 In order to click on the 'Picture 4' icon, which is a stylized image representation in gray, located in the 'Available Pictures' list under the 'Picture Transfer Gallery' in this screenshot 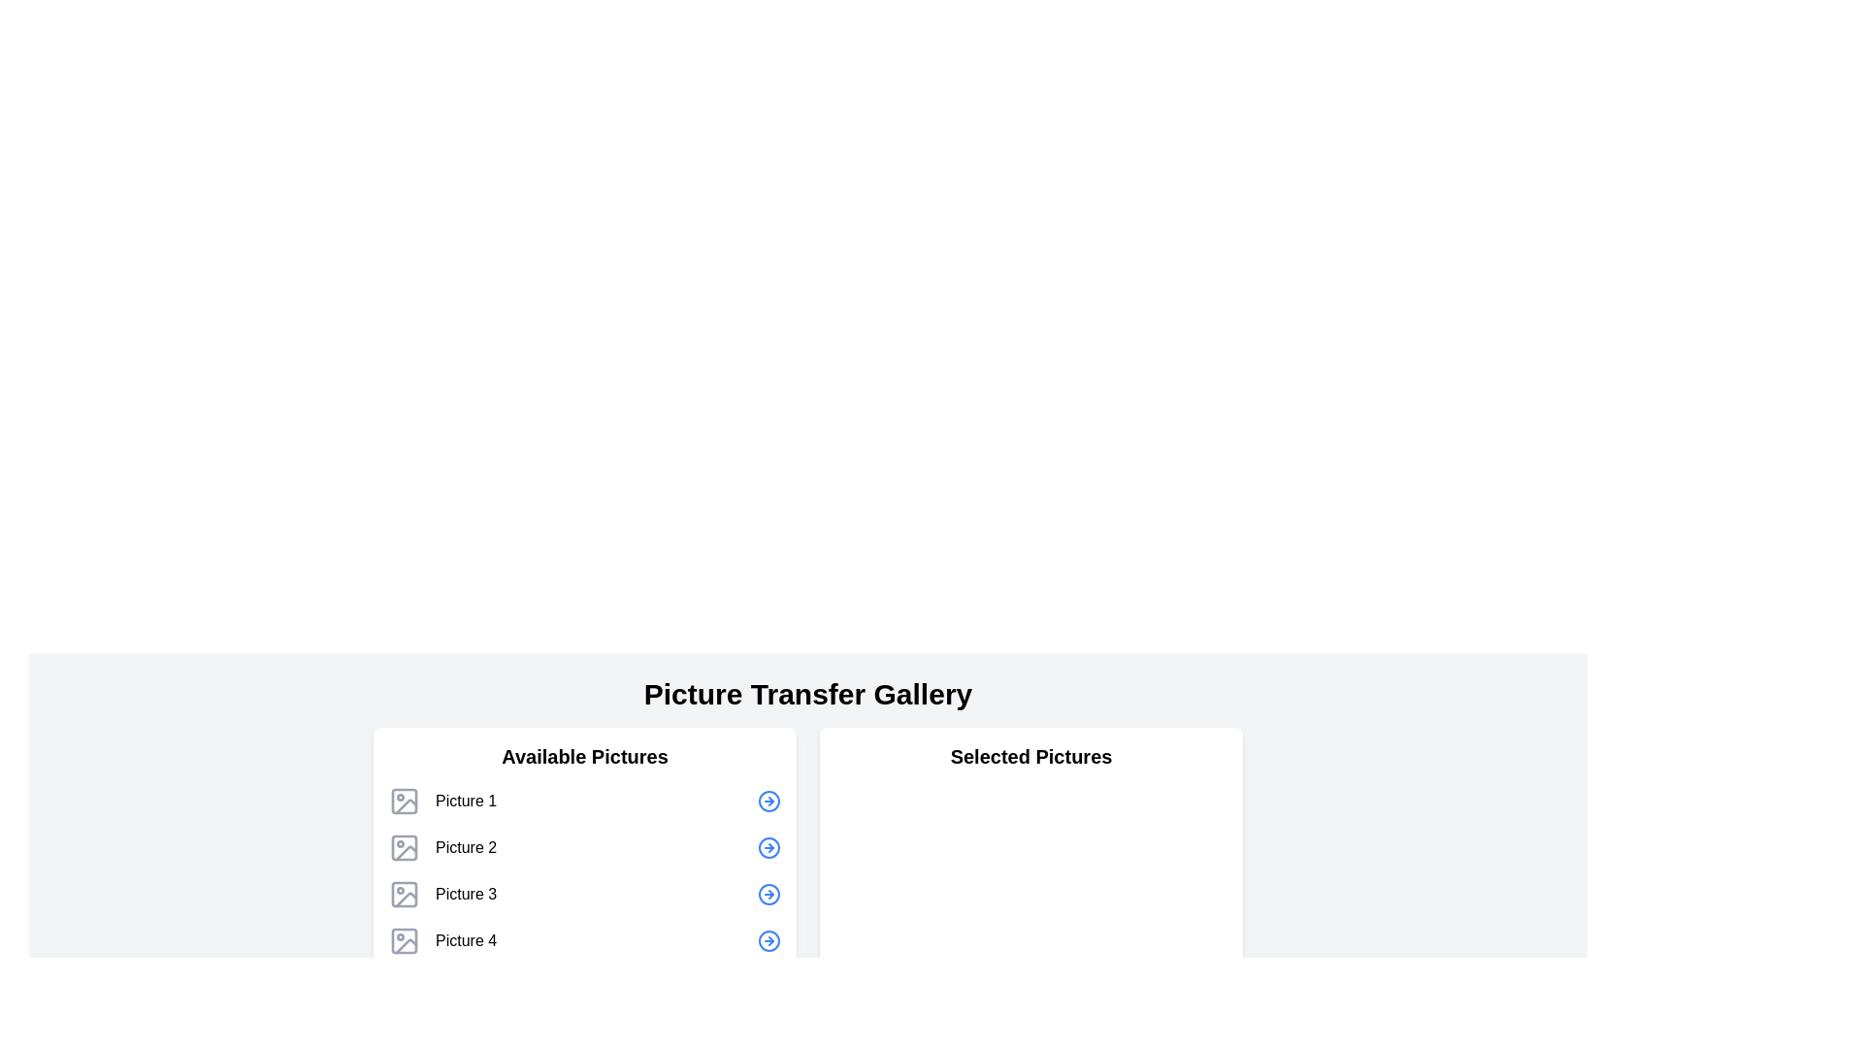, I will do `click(405, 945)`.